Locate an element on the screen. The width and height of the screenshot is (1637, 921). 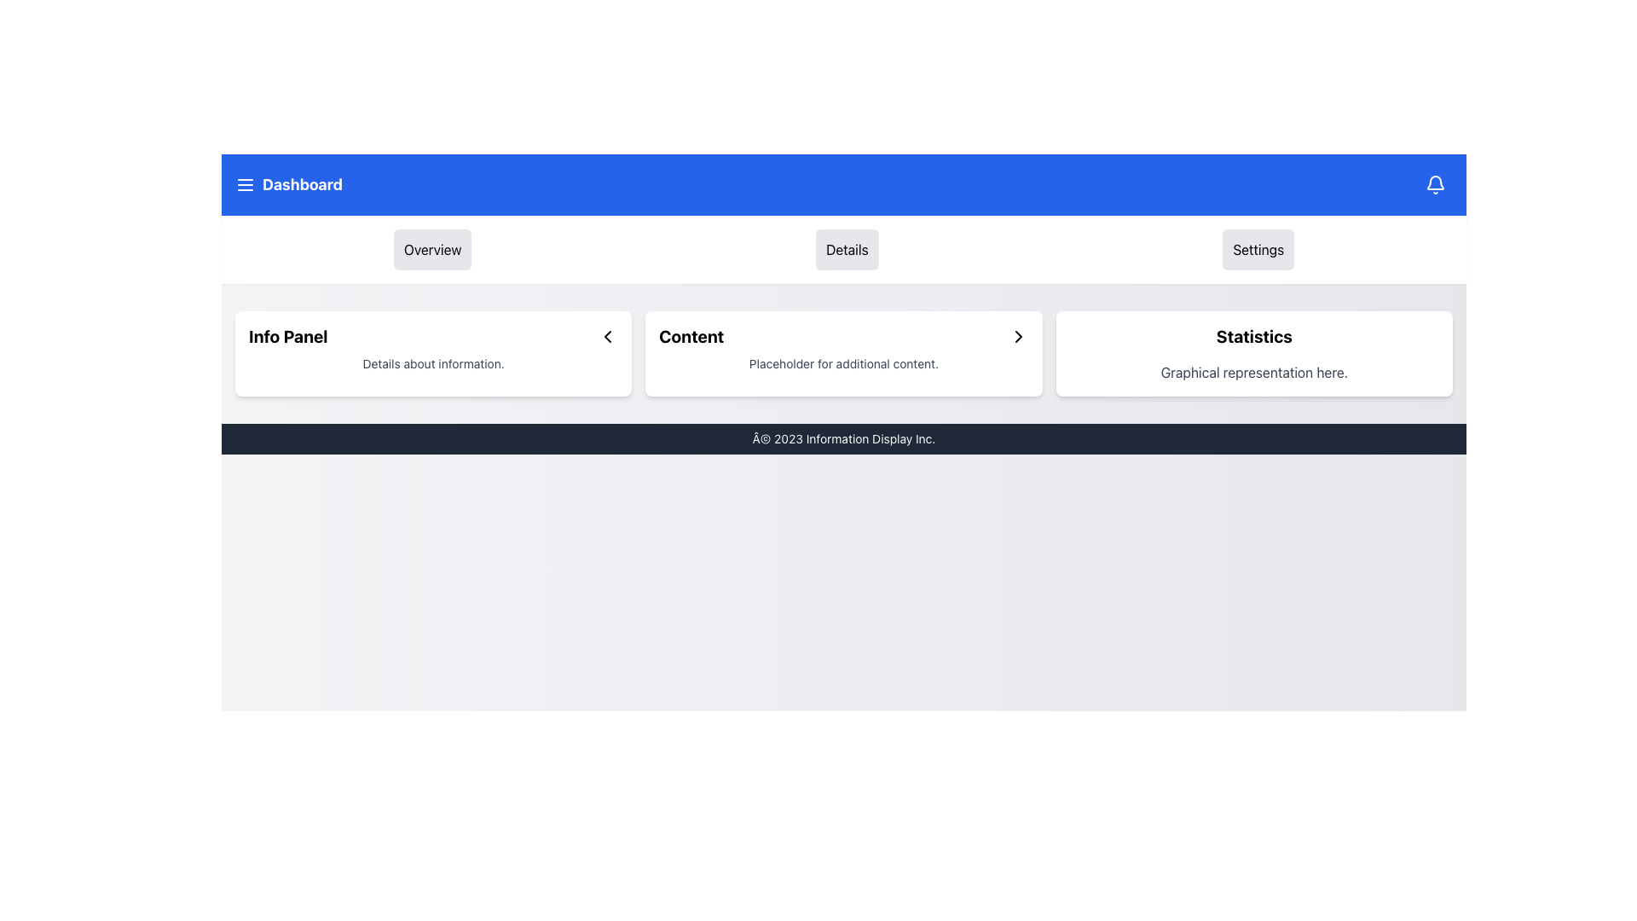
the circular notification button with a bell icon located at the top-right corner of the blue navigation bar to interact with it is located at coordinates (1435, 184).